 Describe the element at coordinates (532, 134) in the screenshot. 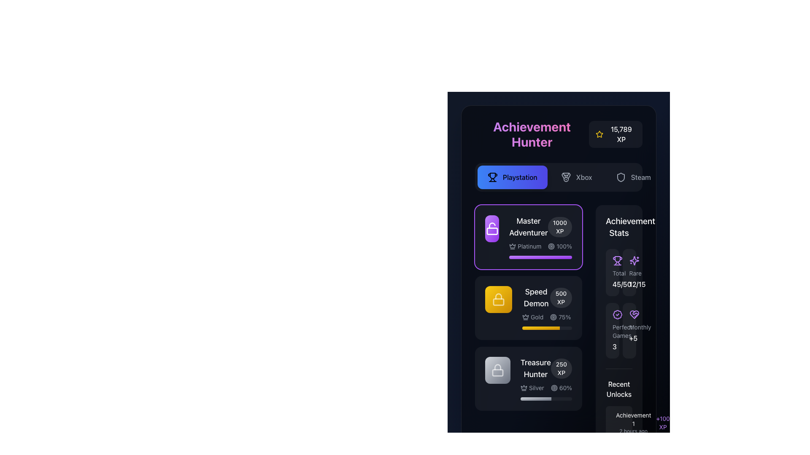

I see `the title text element indicating user achievements or stats, located in the top-left section of the navigation bar` at that location.